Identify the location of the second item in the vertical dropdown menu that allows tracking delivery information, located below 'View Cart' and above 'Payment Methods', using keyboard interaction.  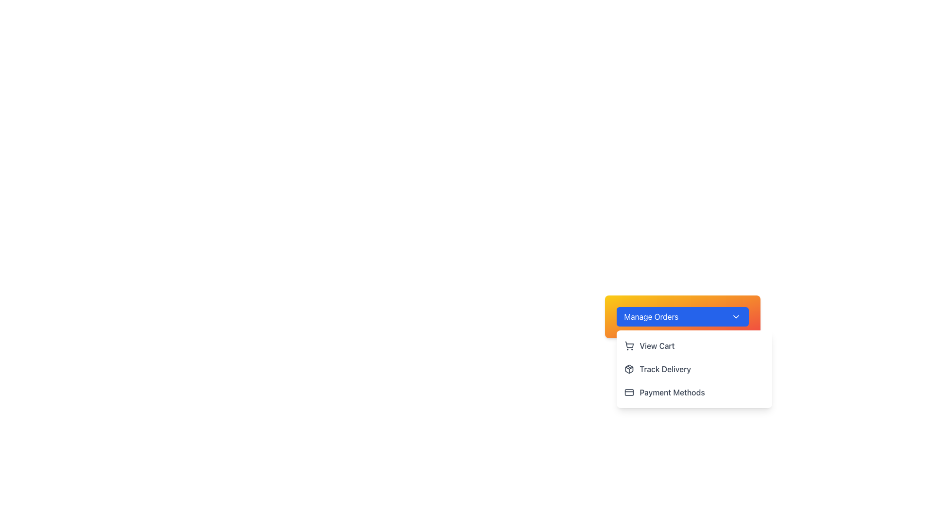
(693, 369).